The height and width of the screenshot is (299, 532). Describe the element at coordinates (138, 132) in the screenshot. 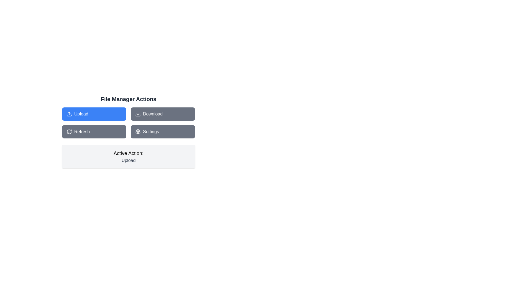

I see `the settings icon located in the button with the text 'Settings' in the second row of the 'File Manager Actions' group` at that location.